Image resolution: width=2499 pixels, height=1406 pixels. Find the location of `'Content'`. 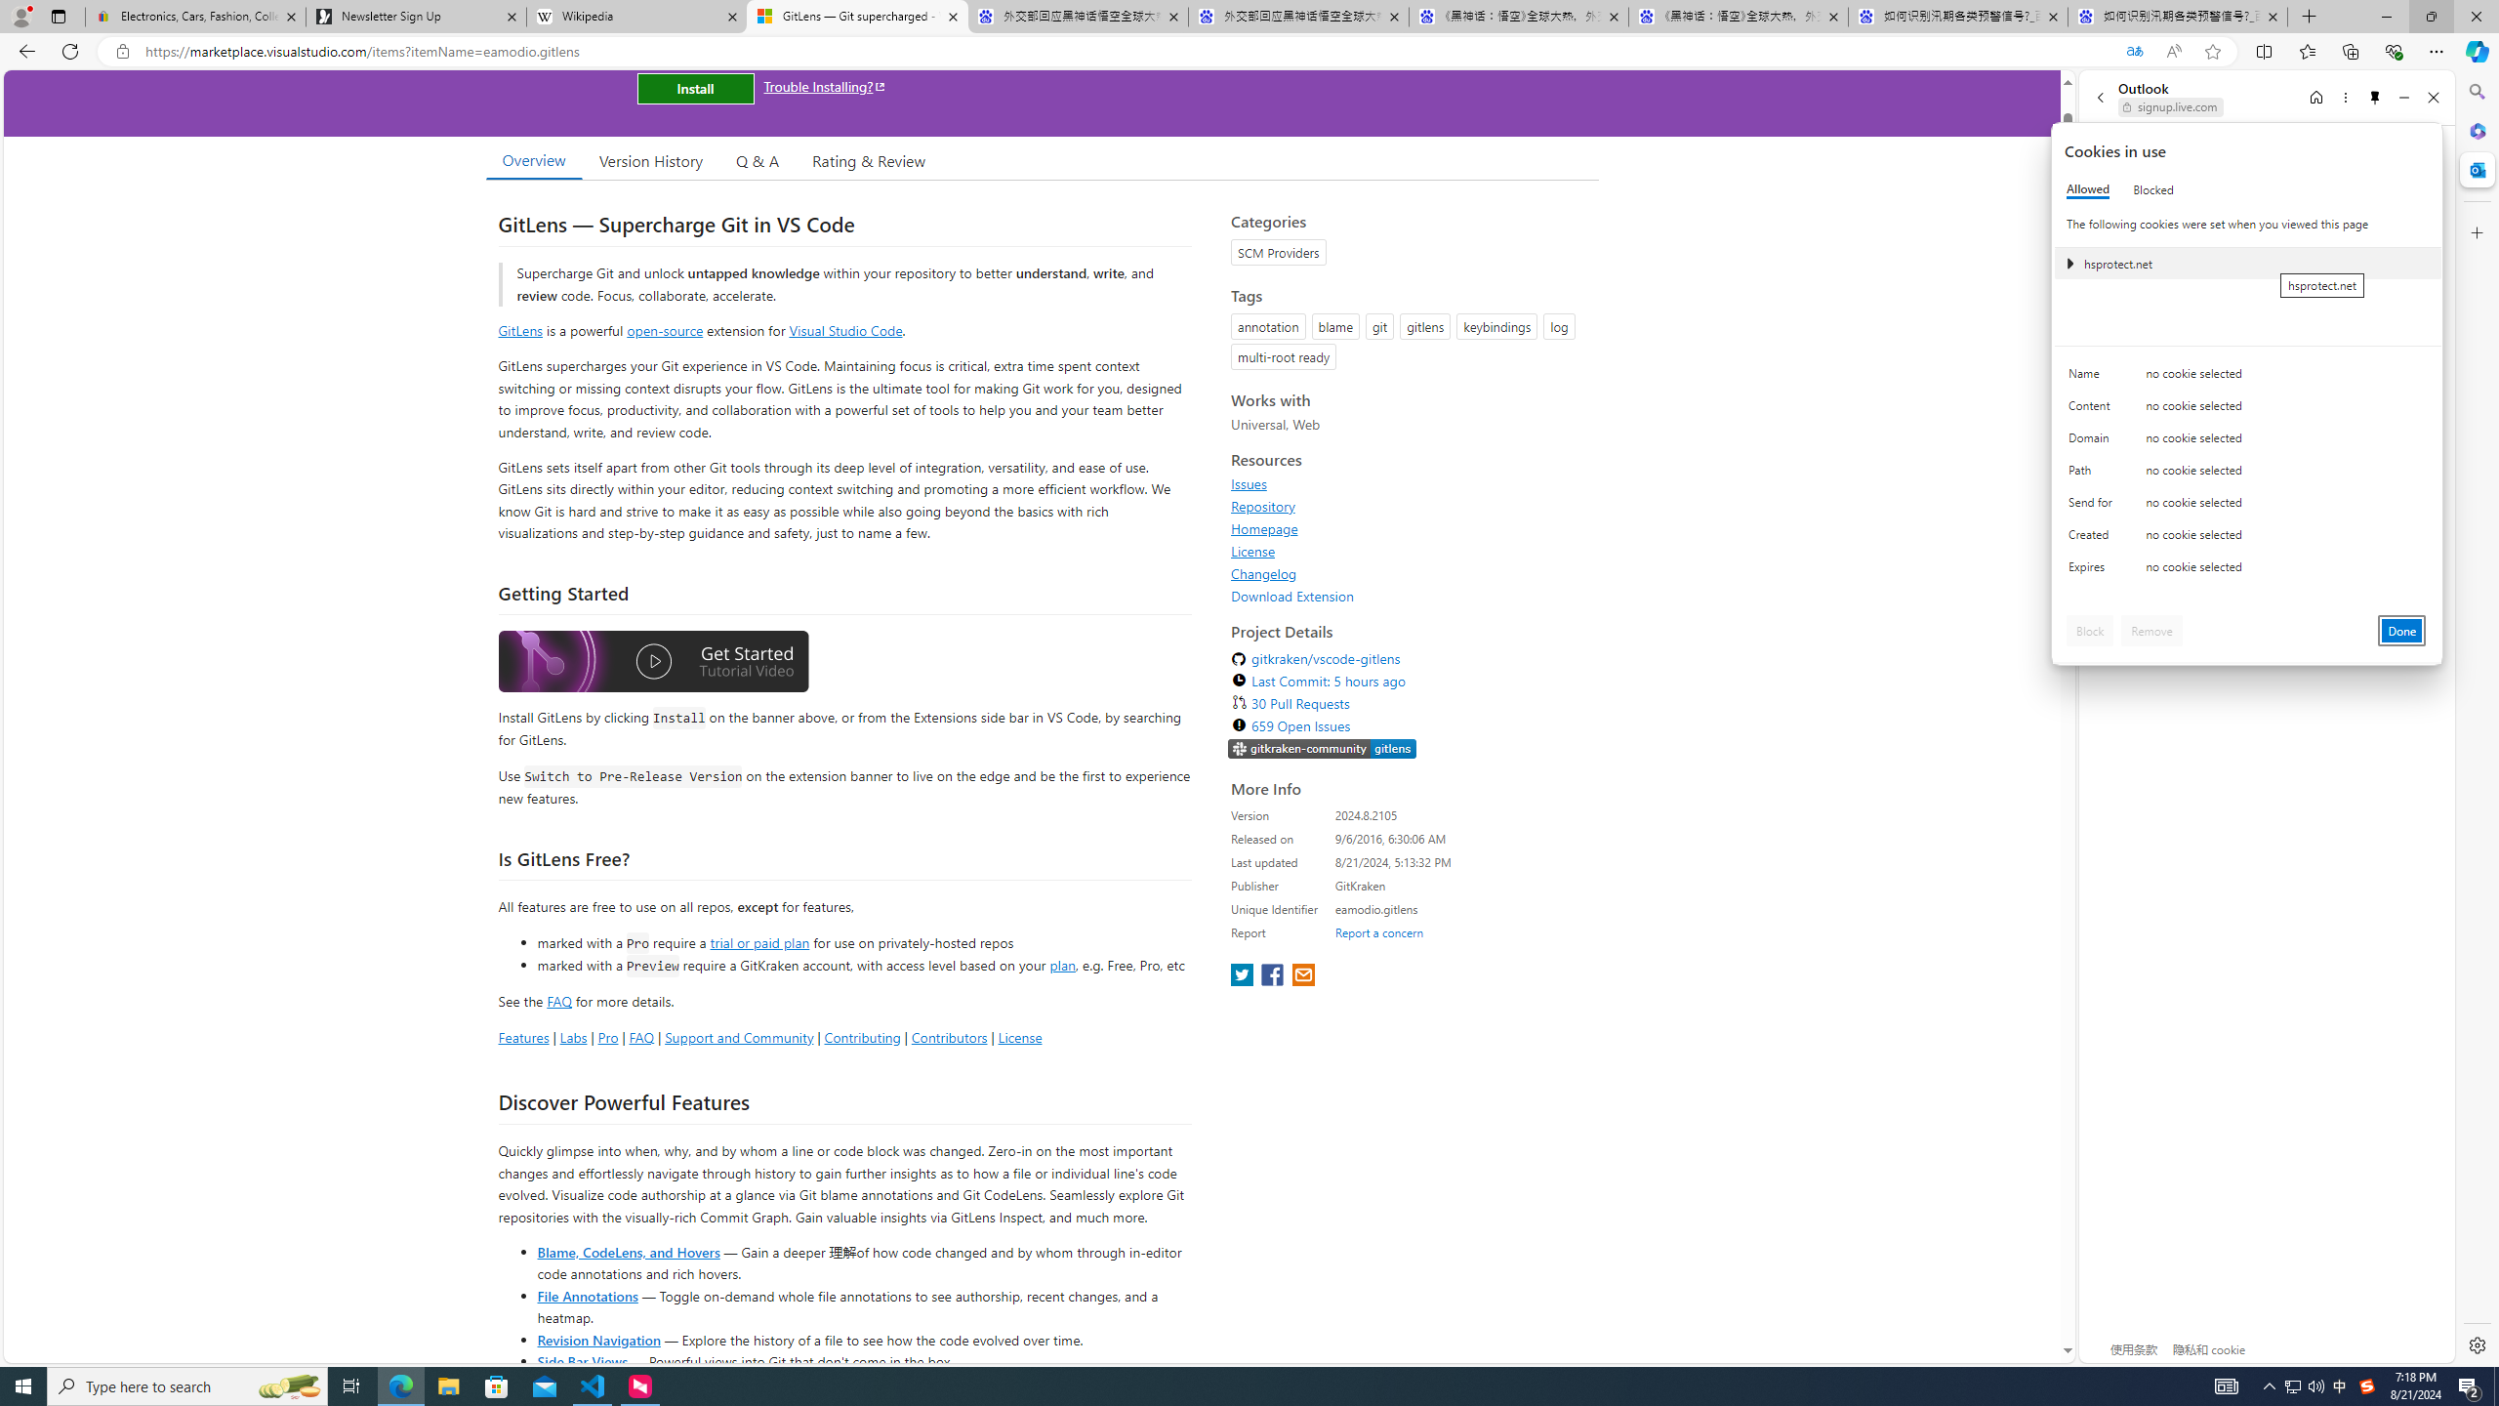

'Content' is located at coordinates (2093, 410).